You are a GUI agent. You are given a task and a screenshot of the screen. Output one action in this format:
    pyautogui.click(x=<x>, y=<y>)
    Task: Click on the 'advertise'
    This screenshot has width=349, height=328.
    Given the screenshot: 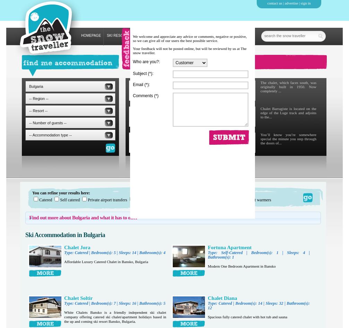 What is the action you would take?
    pyautogui.click(x=291, y=3)
    